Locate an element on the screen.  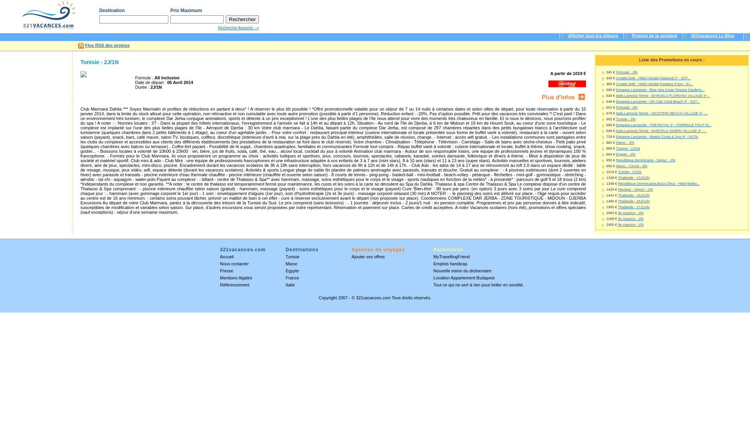
'Thailande - 15J/12N' is located at coordinates (634, 201).